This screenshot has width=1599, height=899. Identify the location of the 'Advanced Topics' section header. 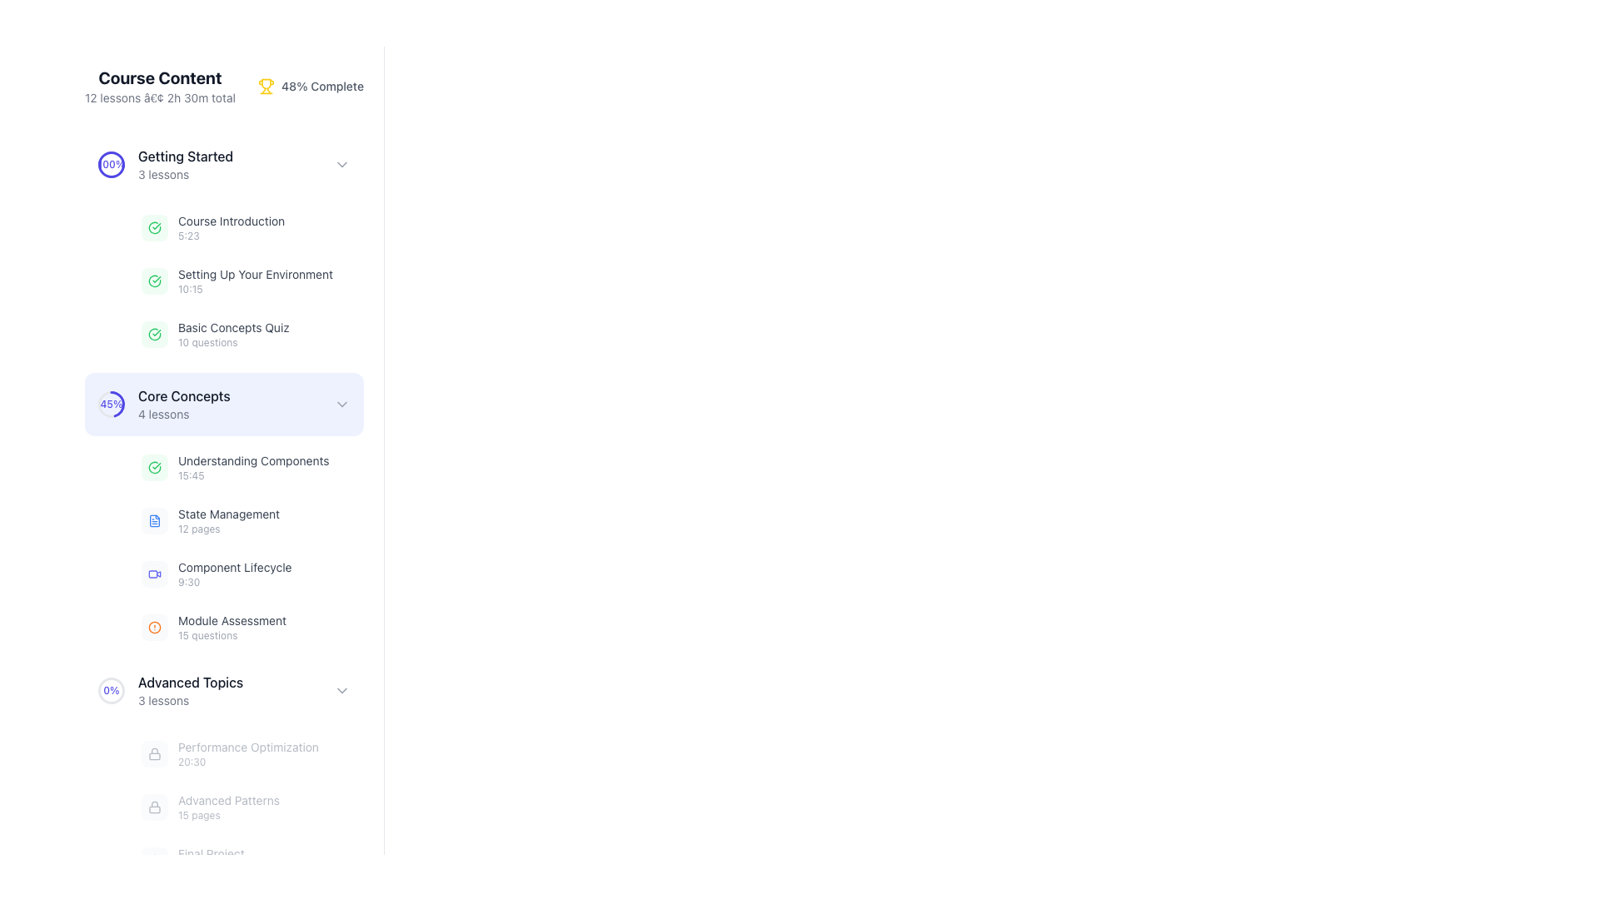
(191, 690).